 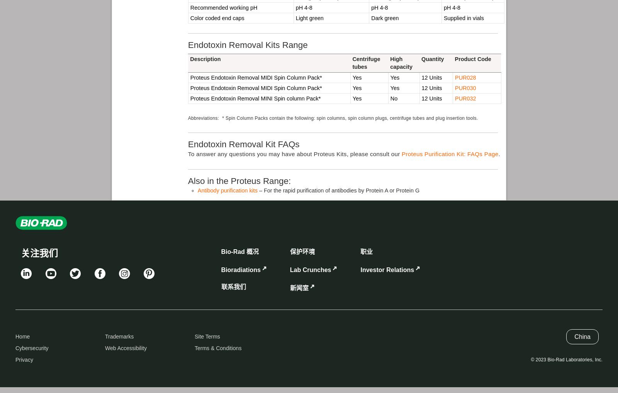 What do you see at coordinates (366, 58) in the screenshot?
I see `'Centrifuge'` at bounding box center [366, 58].